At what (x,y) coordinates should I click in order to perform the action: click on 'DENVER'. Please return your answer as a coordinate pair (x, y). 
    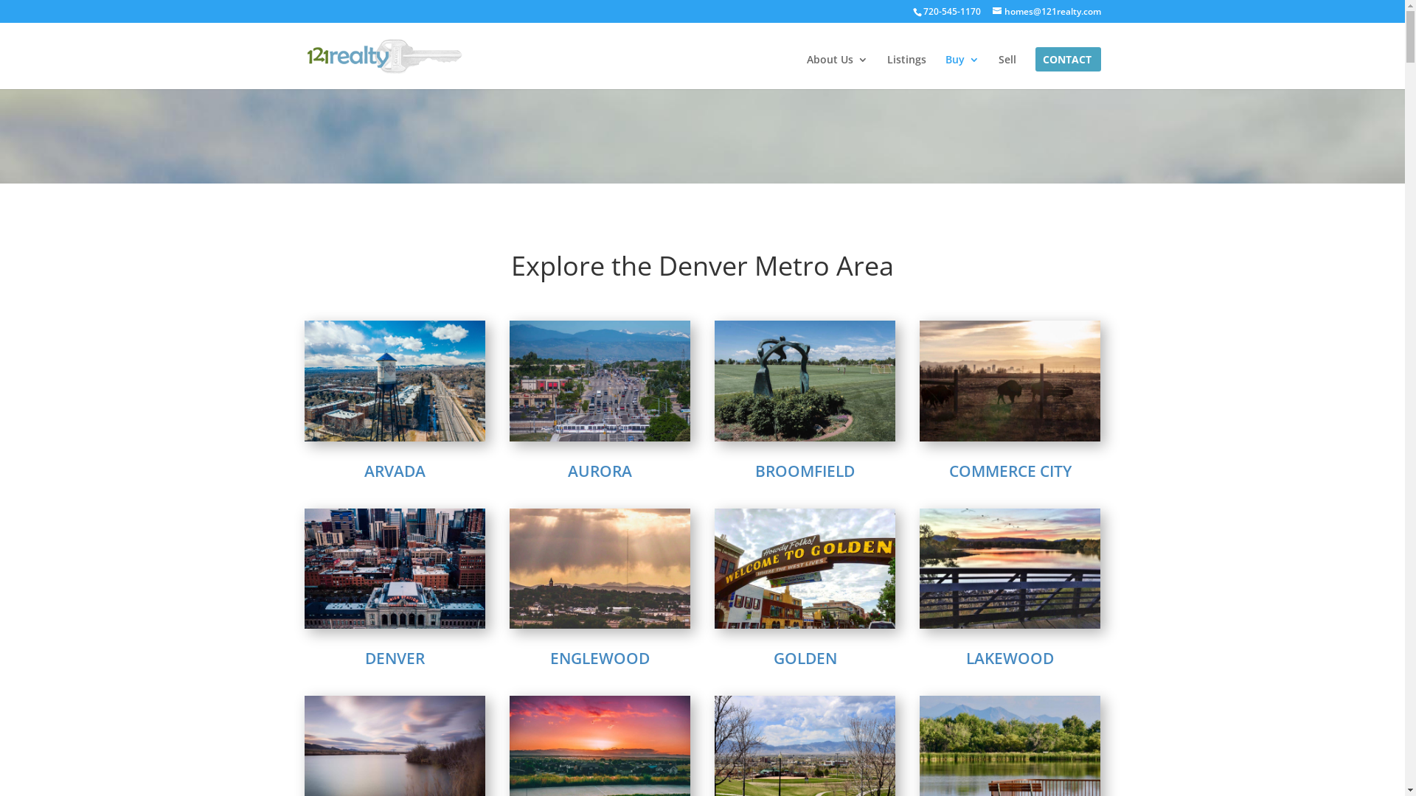
    Looking at the image, I should click on (395, 657).